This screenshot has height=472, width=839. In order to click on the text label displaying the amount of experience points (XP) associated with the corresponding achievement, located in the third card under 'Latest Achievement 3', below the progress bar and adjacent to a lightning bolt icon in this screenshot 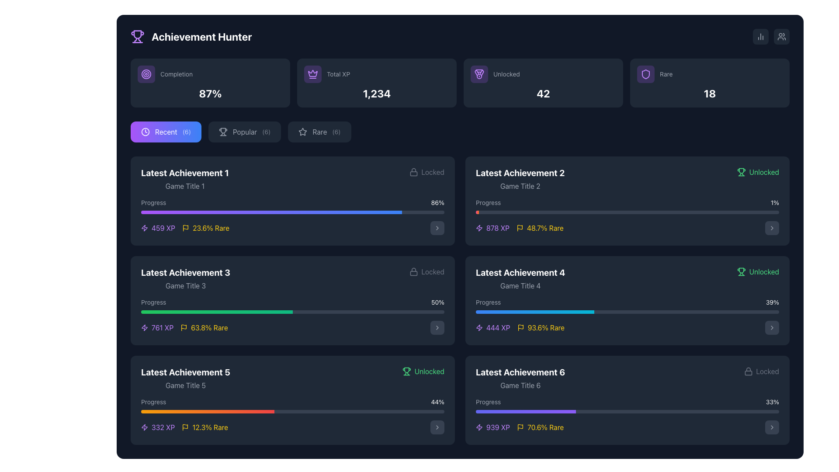, I will do `click(163, 327)`.